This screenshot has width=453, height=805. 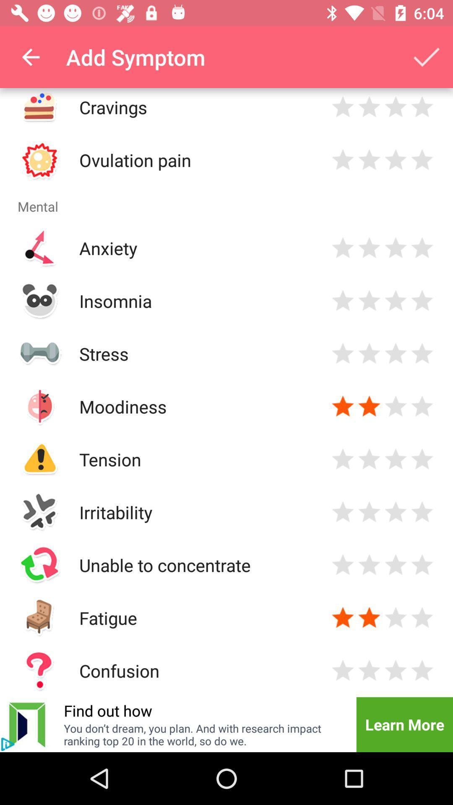 I want to click on rate the amount of the symptom, so click(x=369, y=459).